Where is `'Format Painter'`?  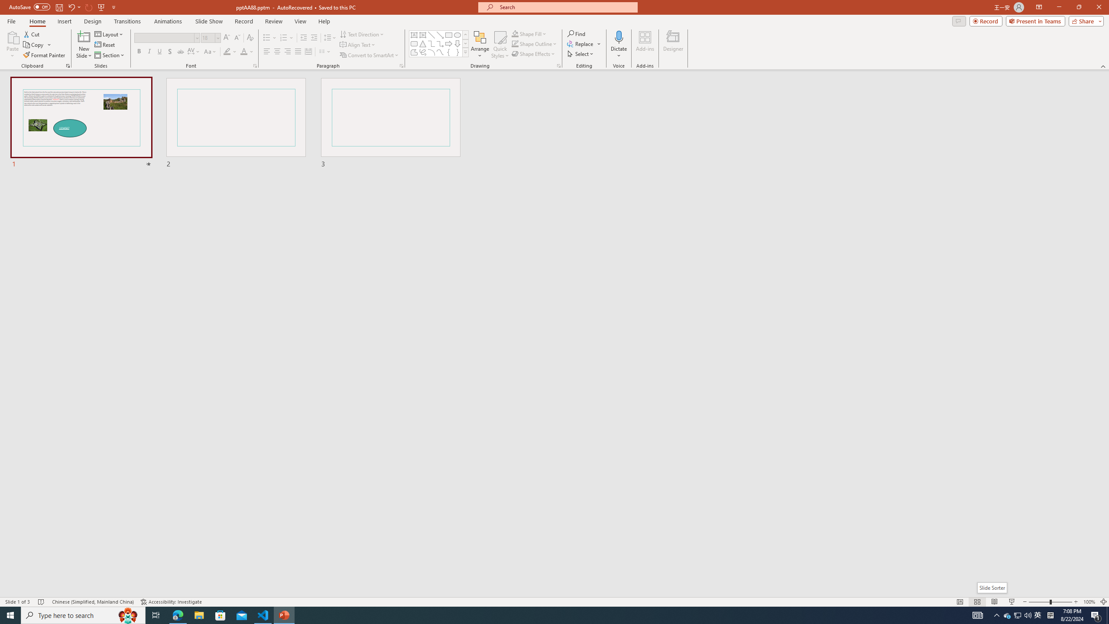 'Format Painter' is located at coordinates (44, 55).